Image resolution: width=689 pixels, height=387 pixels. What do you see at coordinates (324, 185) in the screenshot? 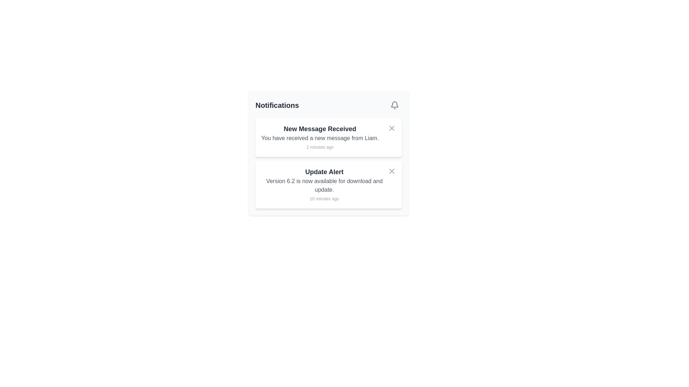
I see `the text 'Version 6.2 is now available for download and update.' located in the notification block beneath 'Update Alert'` at bounding box center [324, 185].